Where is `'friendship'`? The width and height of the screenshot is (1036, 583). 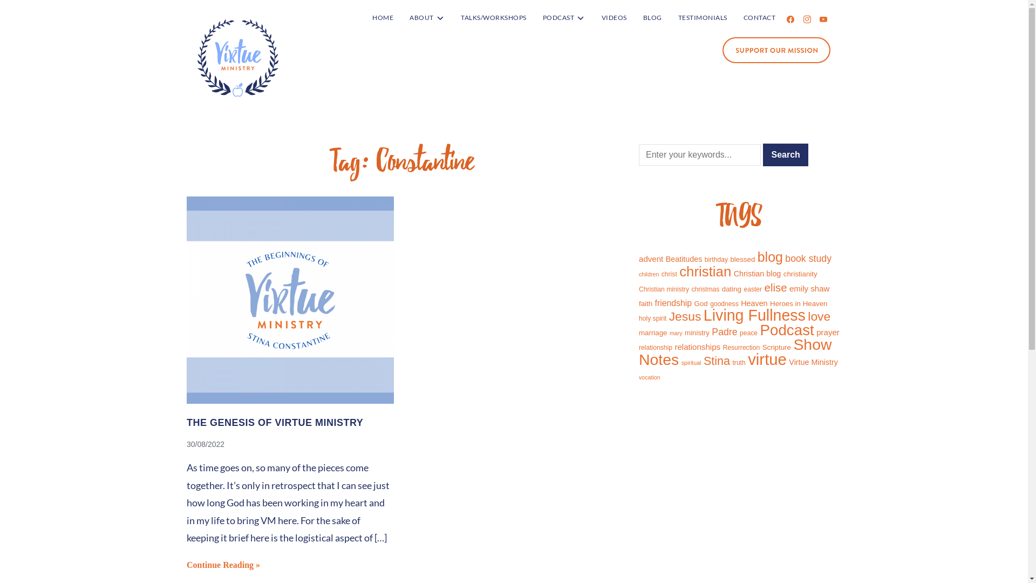 'friendship' is located at coordinates (673, 303).